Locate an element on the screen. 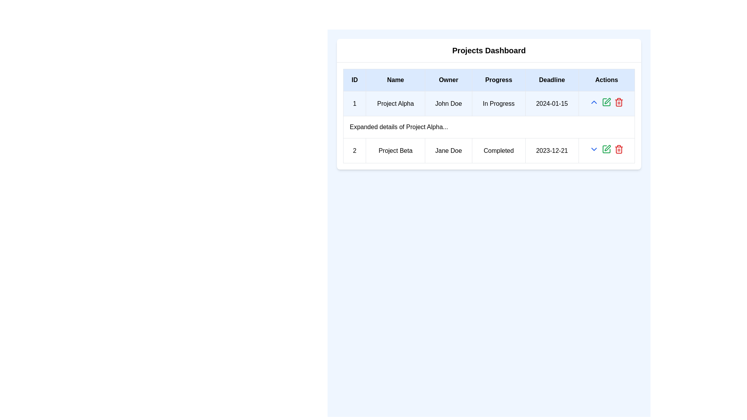 The width and height of the screenshot is (747, 420). the central table displaying detailed information about projects and their statuses, located below the 'Projects Dashboard' title is located at coordinates (489, 115).